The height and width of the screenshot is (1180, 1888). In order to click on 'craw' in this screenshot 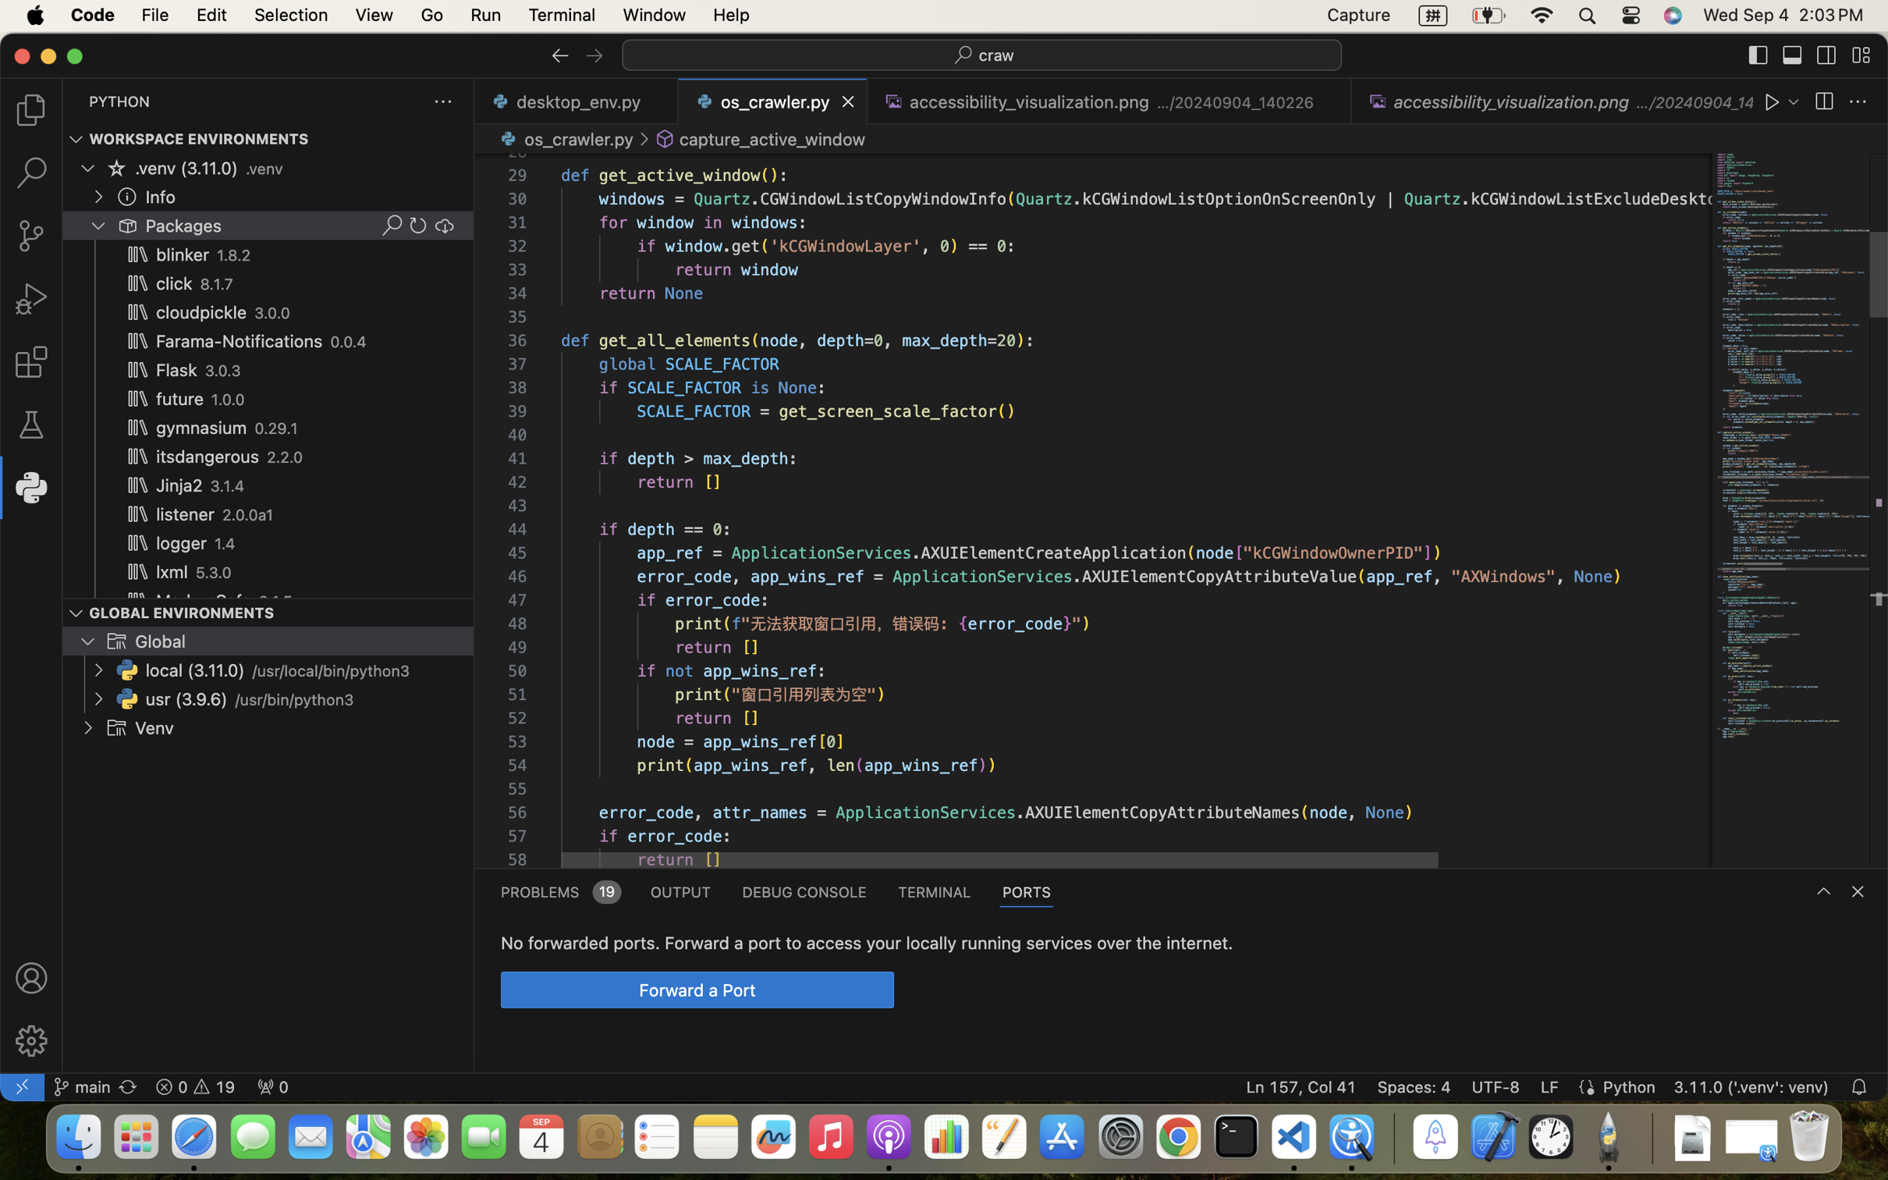, I will do `click(995, 55)`.